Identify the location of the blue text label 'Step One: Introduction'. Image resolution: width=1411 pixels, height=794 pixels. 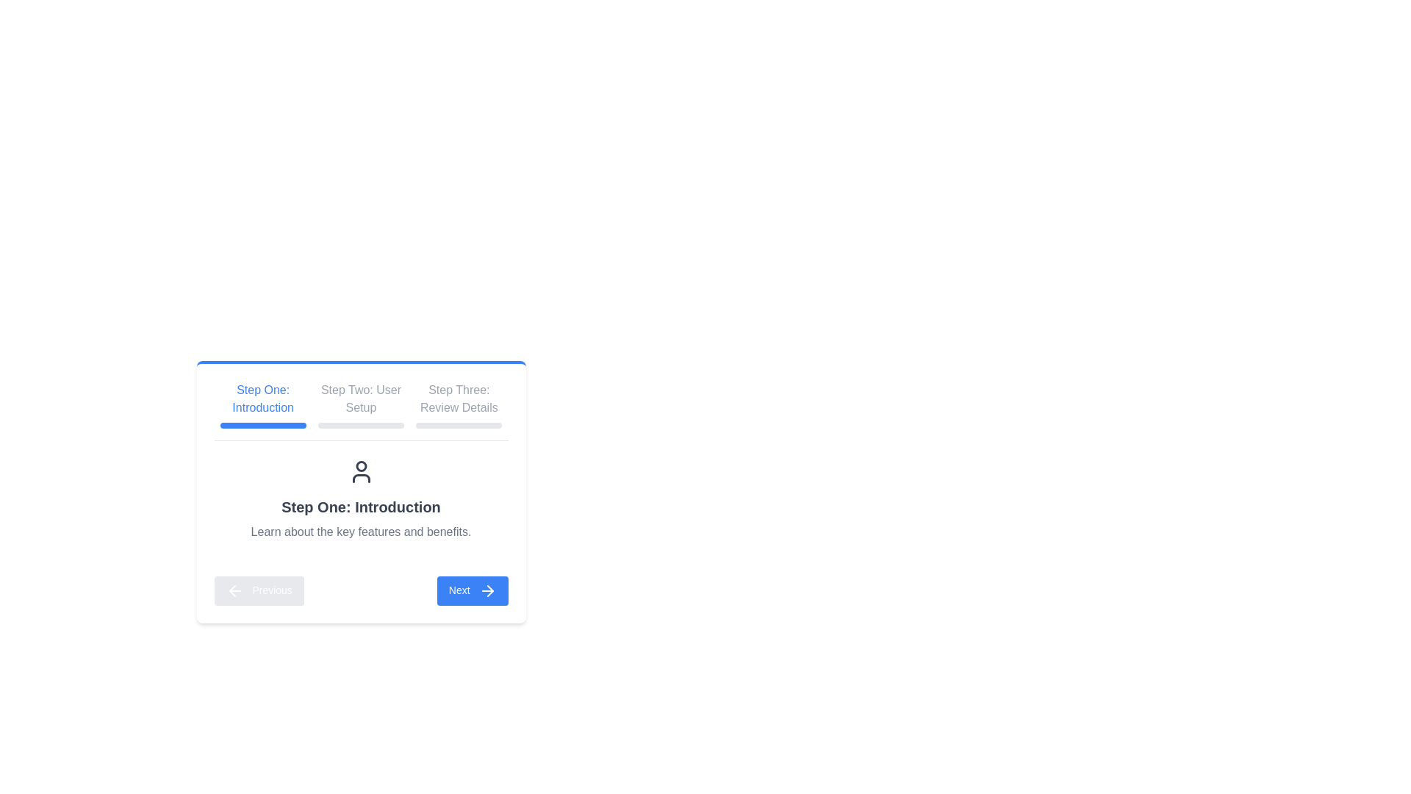
(263, 405).